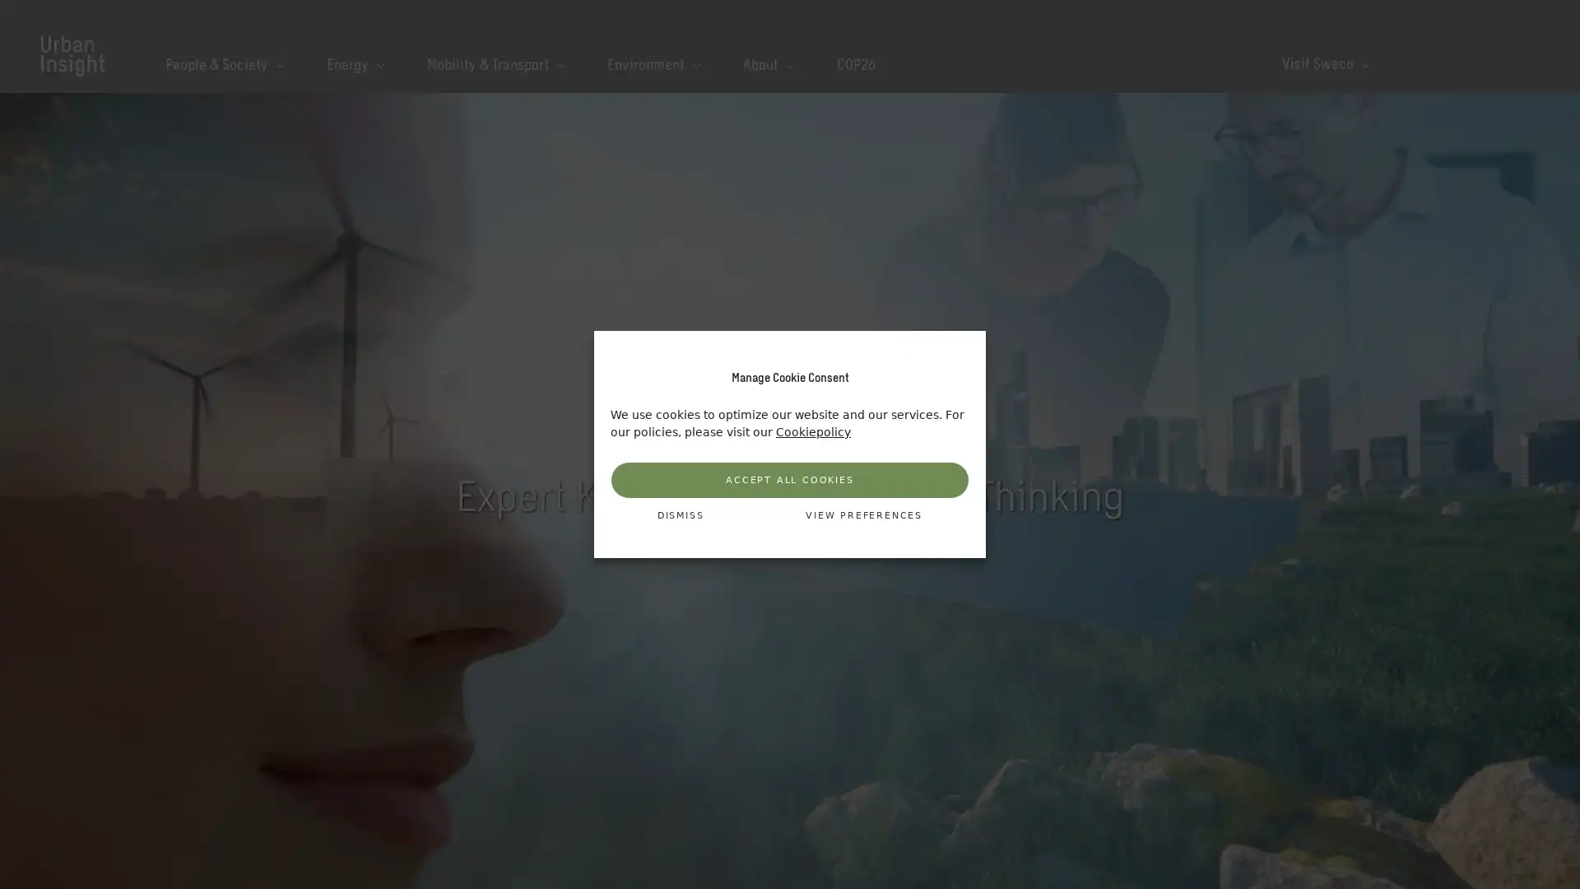 This screenshot has height=889, width=1580. What do you see at coordinates (863, 515) in the screenshot?
I see `VIEW PREFERENCES` at bounding box center [863, 515].